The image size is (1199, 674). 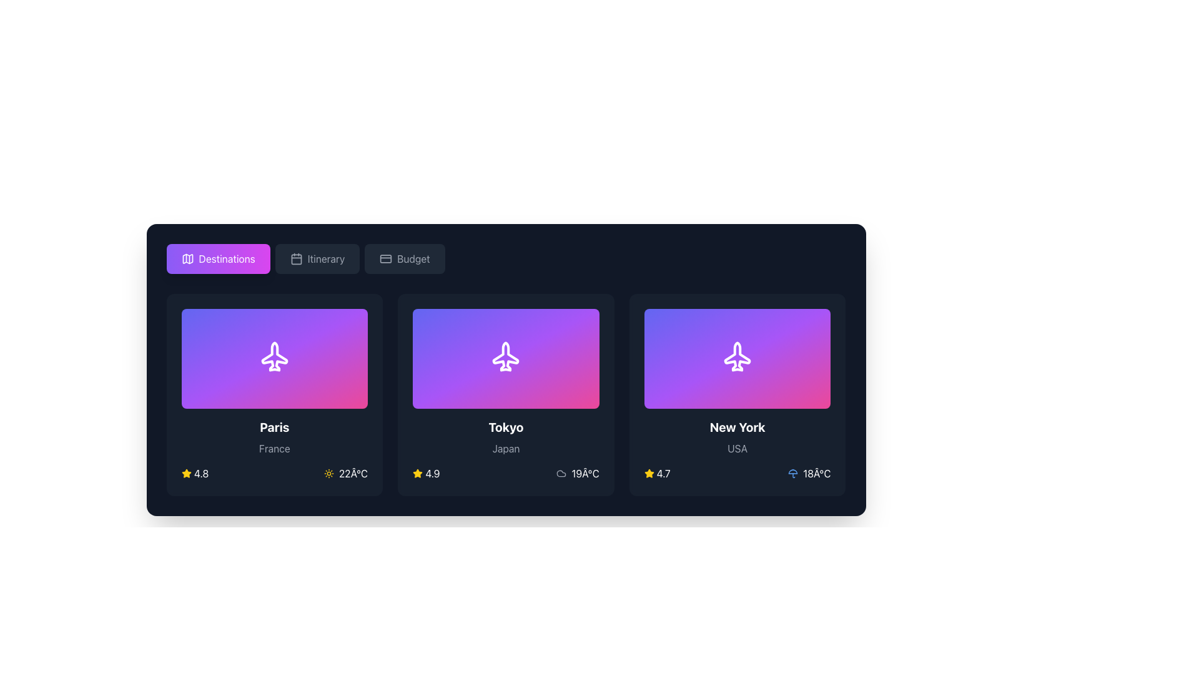 I want to click on the central Destination card presenting information for Tokyo, so click(x=506, y=394).